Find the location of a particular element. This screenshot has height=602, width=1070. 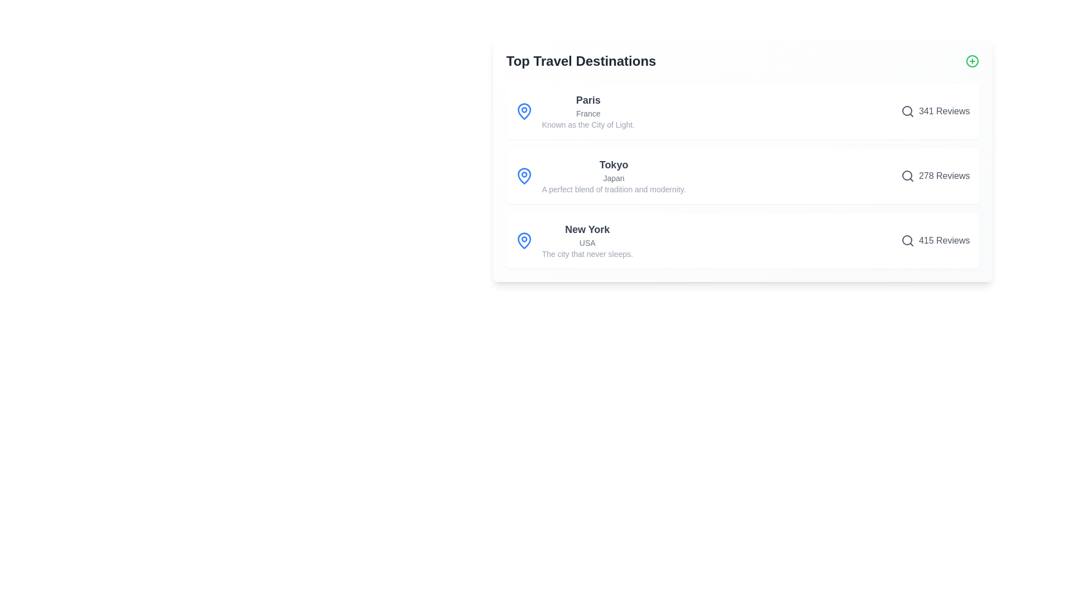

the map pin icon for Paris to focus on the corresponding destination is located at coordinates (523, 111).